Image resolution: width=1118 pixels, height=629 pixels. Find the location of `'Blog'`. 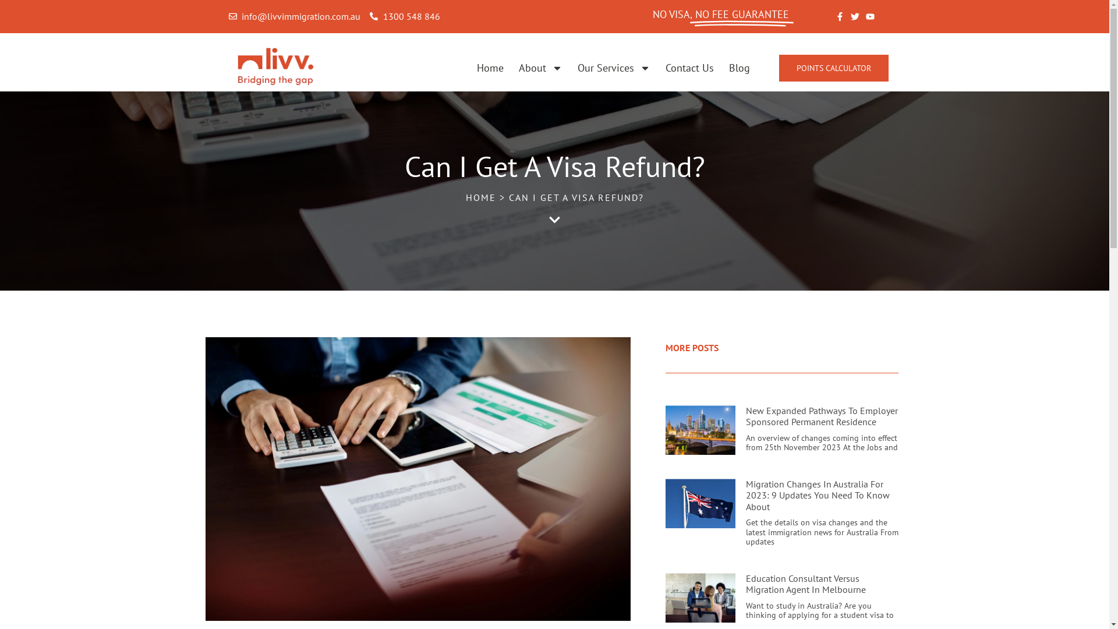

'Blog' is located at coordinates (728, 68).